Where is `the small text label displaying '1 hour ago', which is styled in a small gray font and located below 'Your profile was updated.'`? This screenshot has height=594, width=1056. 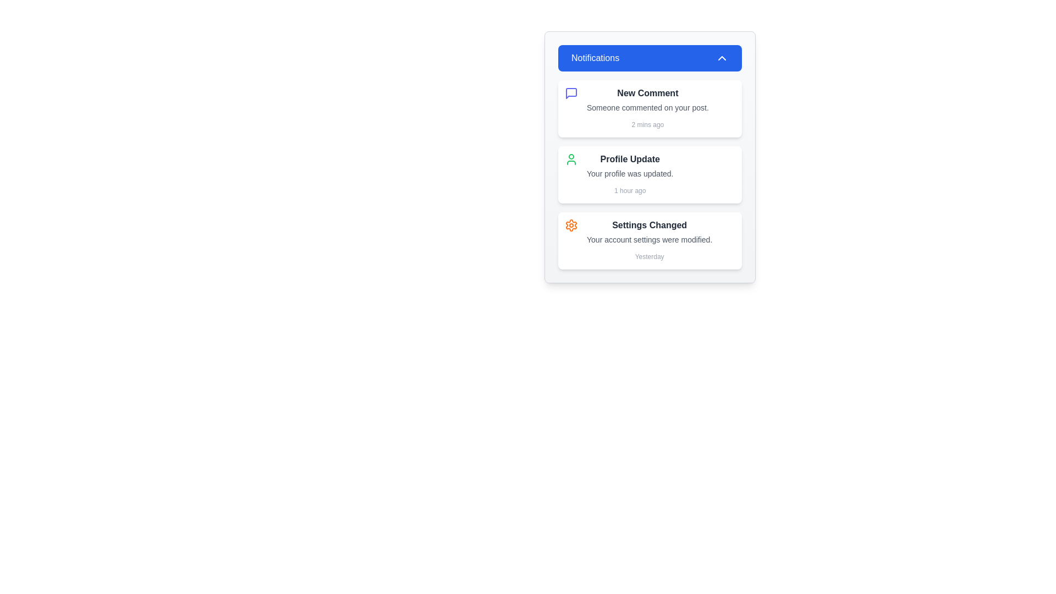
the small text label displaying '1 hour ago', which is styled in a small gray font and located below 'Your profile was updated.' is located at coordinates (630, 190).